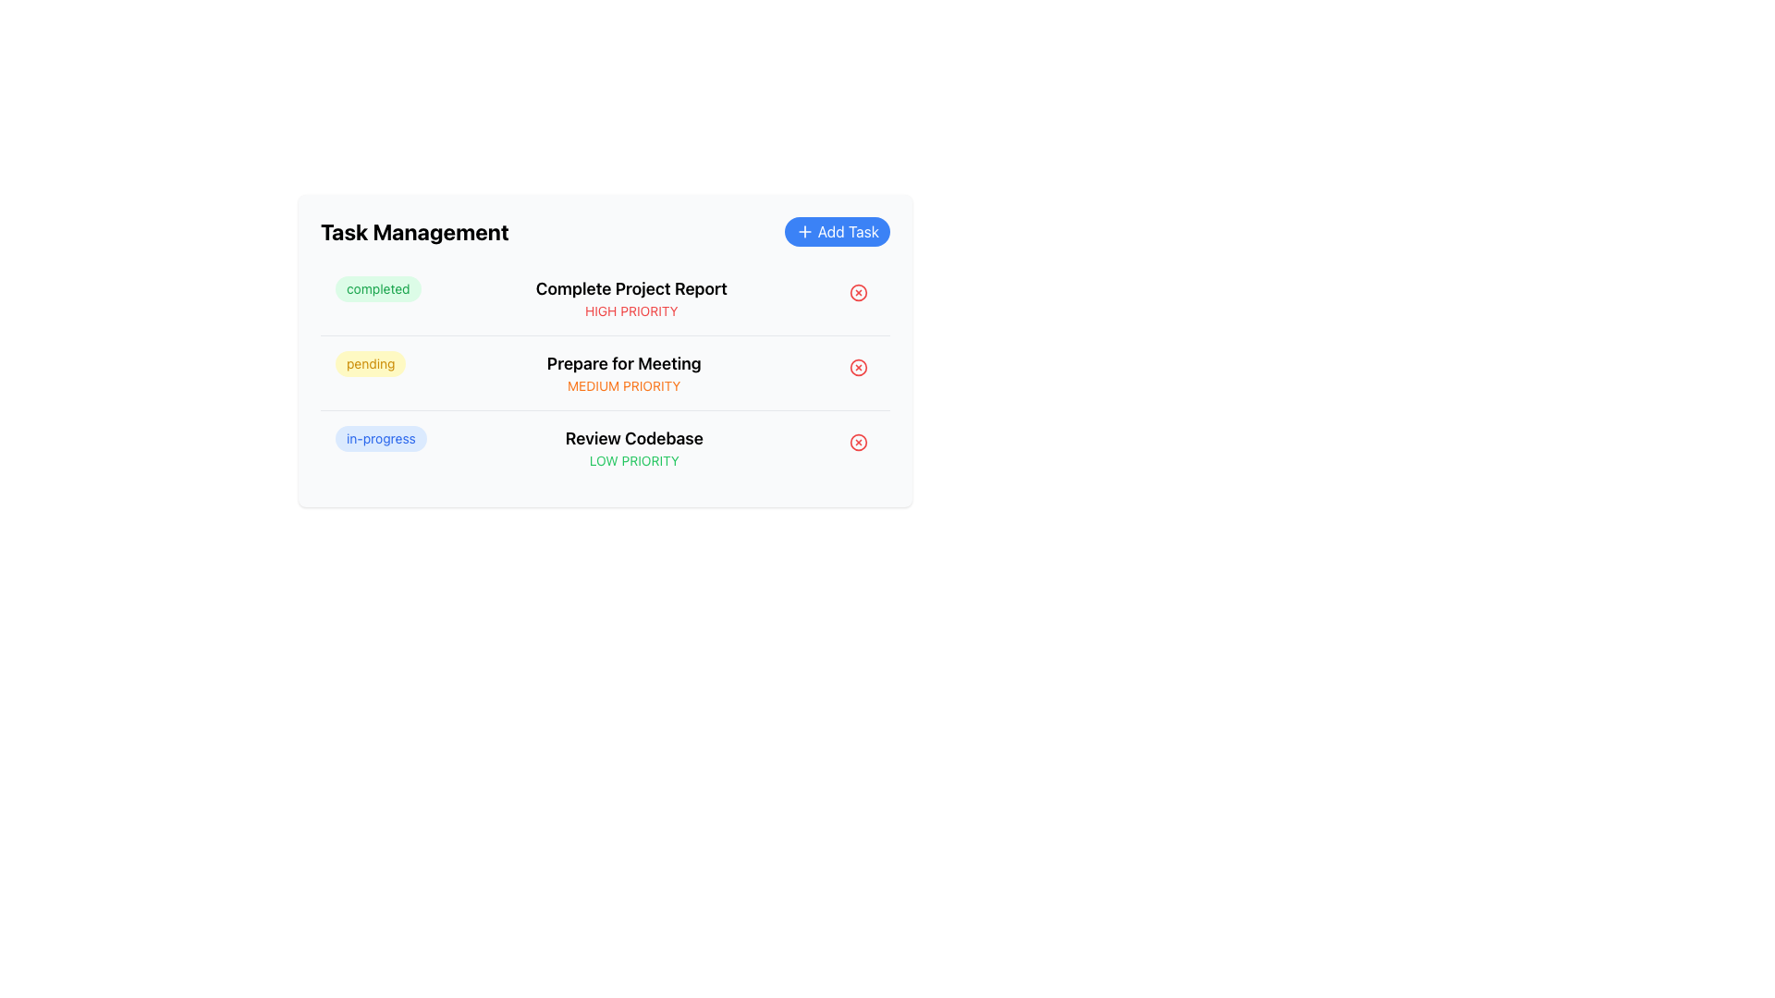 This screenshot has height=998, width=1775. What do you see at coordinates (631, 288) in the screenshot?
I see `the text label displaying 'Complete Project Report', which is part of the task management interface and indicates a completed task` at bounding box center [631, 288].